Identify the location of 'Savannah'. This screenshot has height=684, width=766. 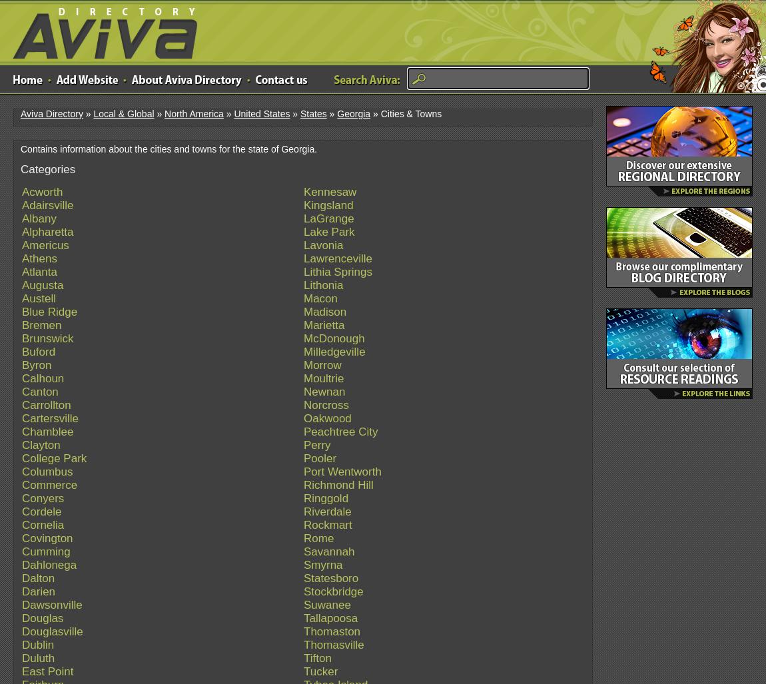
(329, 551).